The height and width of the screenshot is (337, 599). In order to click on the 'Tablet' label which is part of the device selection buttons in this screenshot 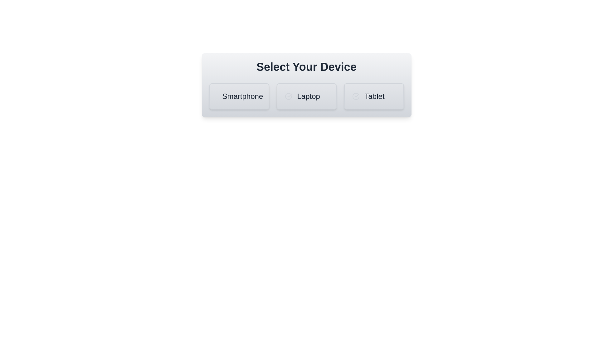, I will do `click(374, 96)`.